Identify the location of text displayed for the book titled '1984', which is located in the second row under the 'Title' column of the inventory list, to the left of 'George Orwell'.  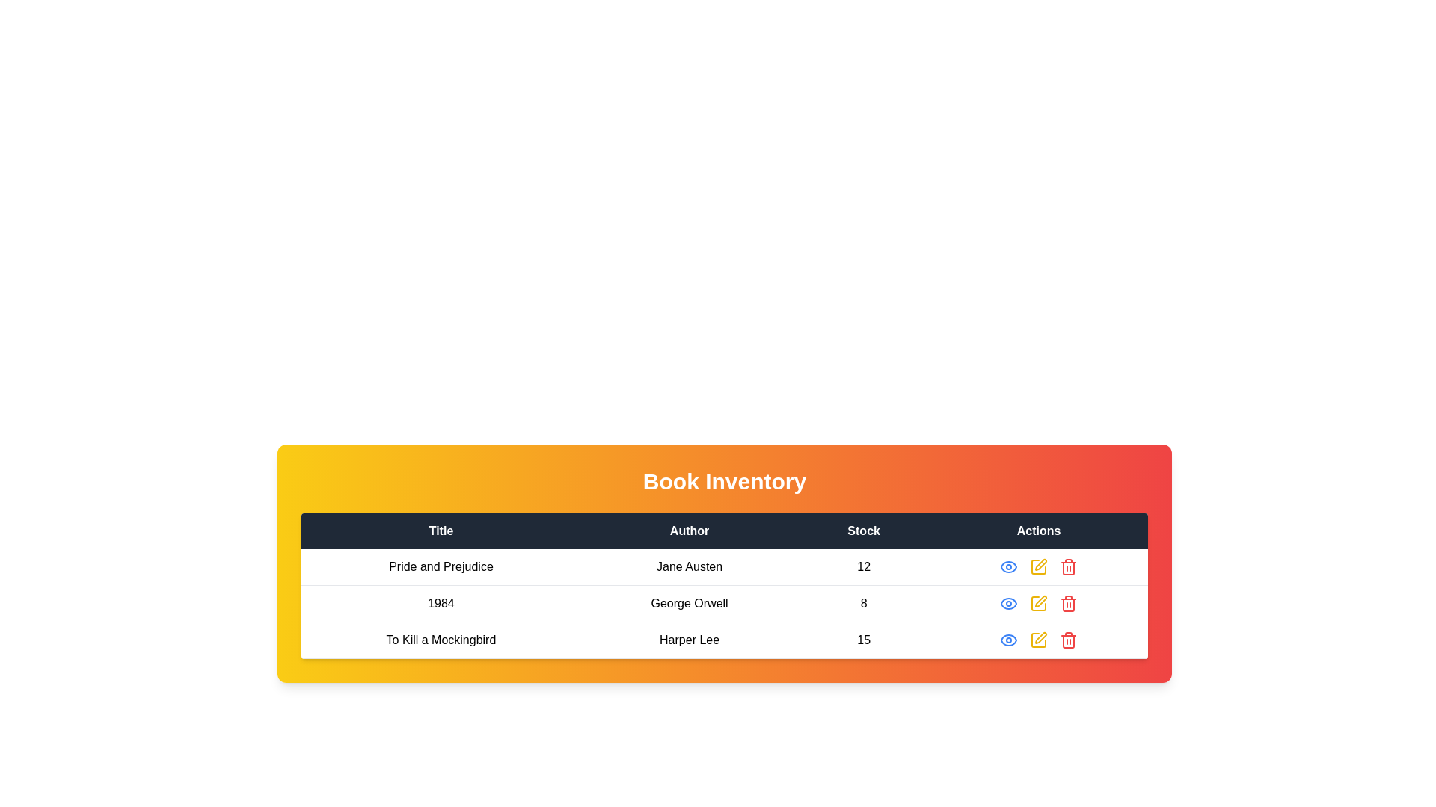
(441, 602).